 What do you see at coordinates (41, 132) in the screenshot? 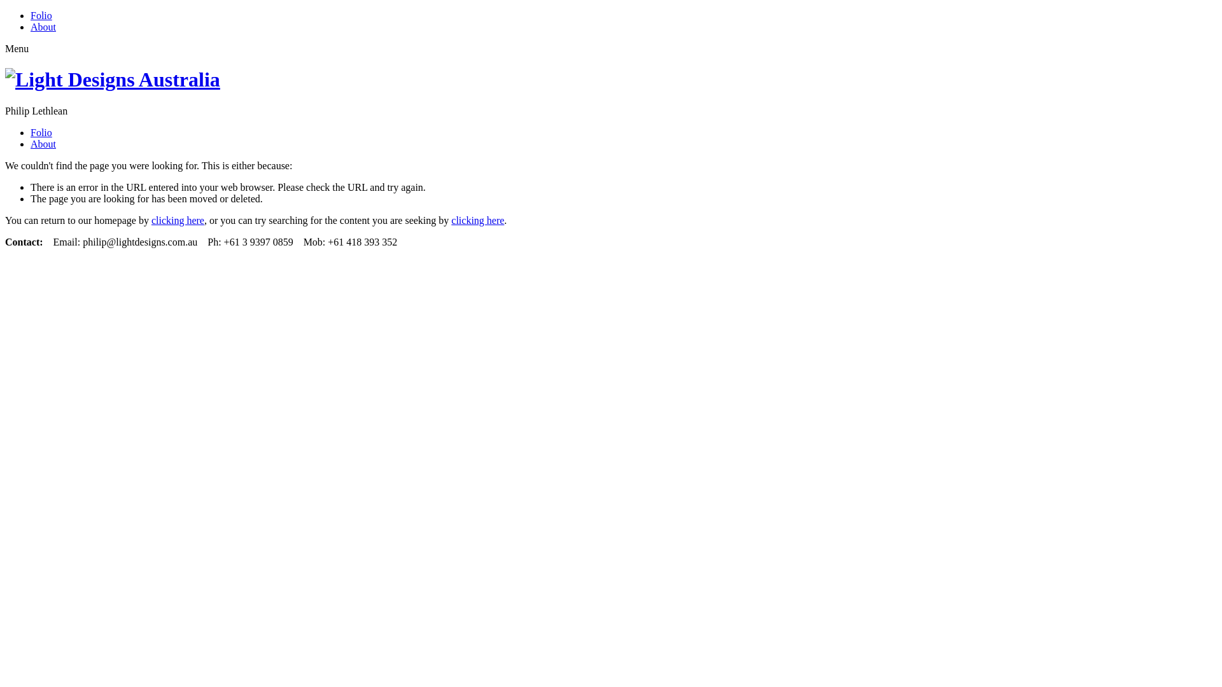
I see `'Folio'` at bounding box center [41, 132].